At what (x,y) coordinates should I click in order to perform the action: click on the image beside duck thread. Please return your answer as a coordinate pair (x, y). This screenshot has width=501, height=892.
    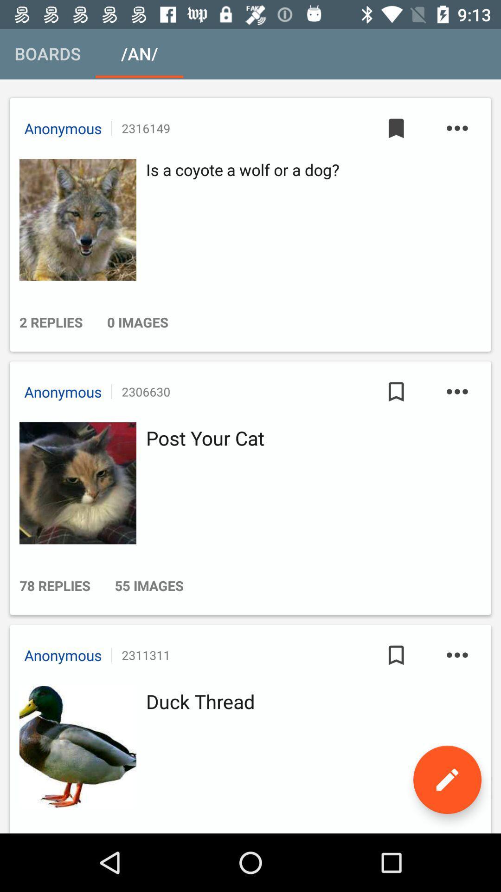
    Looking at the image, I should click on (75, 747).